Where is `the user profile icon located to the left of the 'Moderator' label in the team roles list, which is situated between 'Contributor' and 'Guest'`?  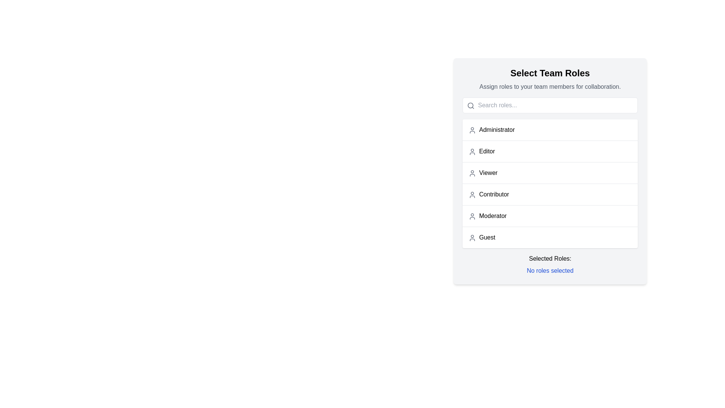
the user profile icon located to the left of the 'Moderator' label in the team roles list, which is situated between 'Contributor' and 'Guest' is located at coordinates (472, 216).